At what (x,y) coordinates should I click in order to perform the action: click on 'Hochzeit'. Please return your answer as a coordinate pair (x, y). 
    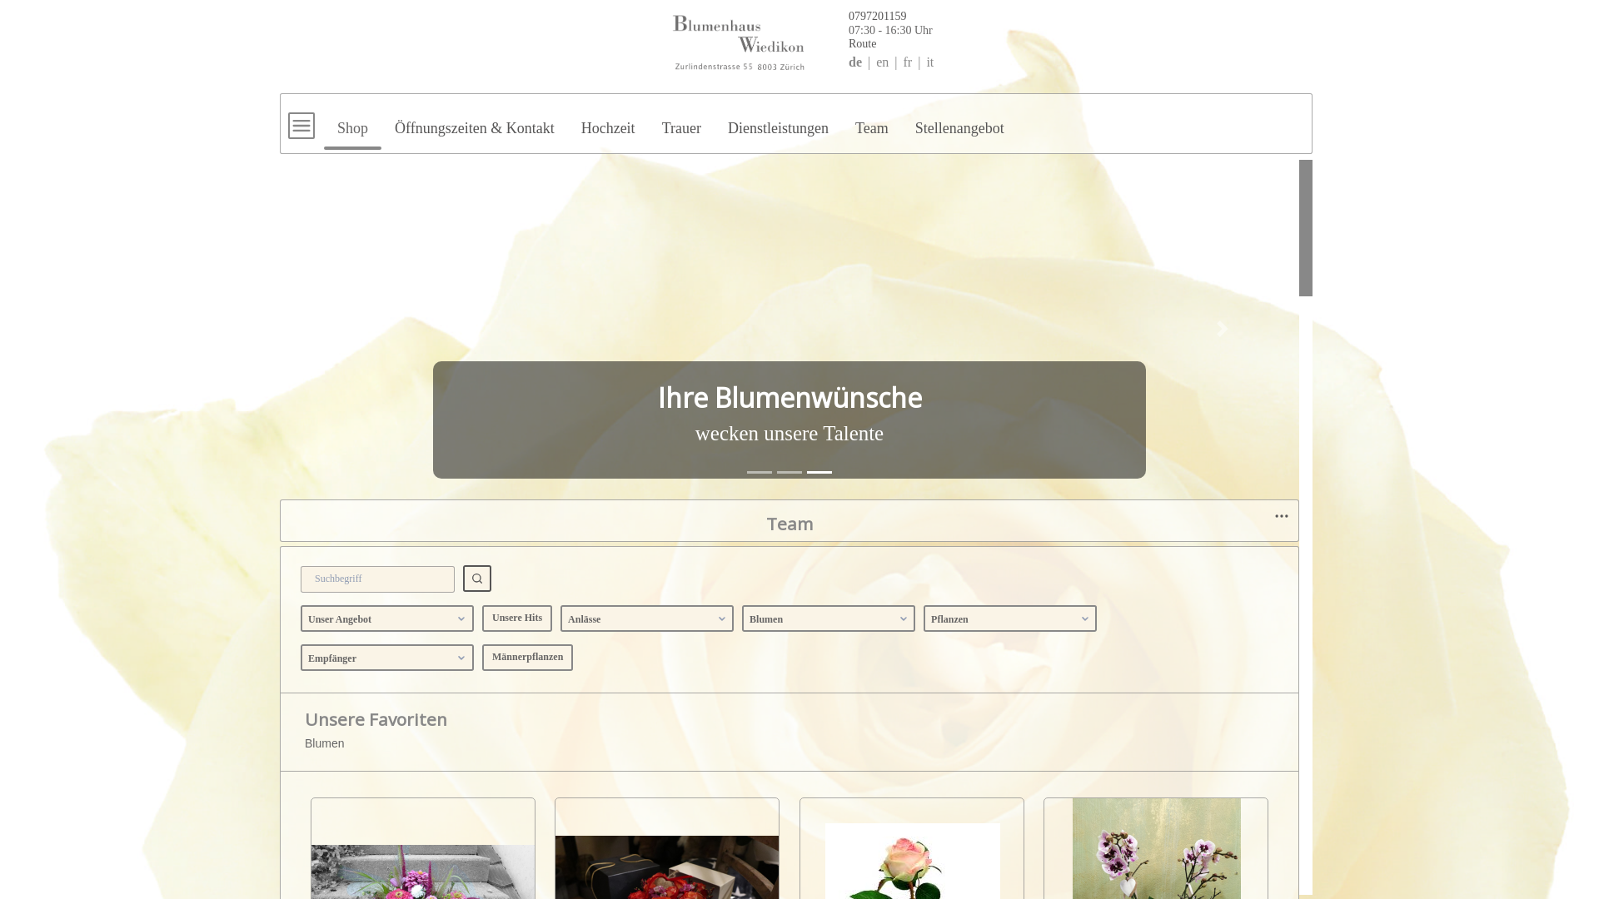
    Looking at the image, I should click on (607, 120).